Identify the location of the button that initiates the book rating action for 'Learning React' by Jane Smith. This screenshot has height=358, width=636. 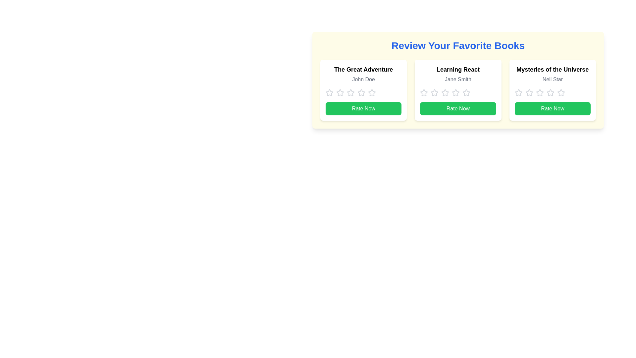
(457, 108).